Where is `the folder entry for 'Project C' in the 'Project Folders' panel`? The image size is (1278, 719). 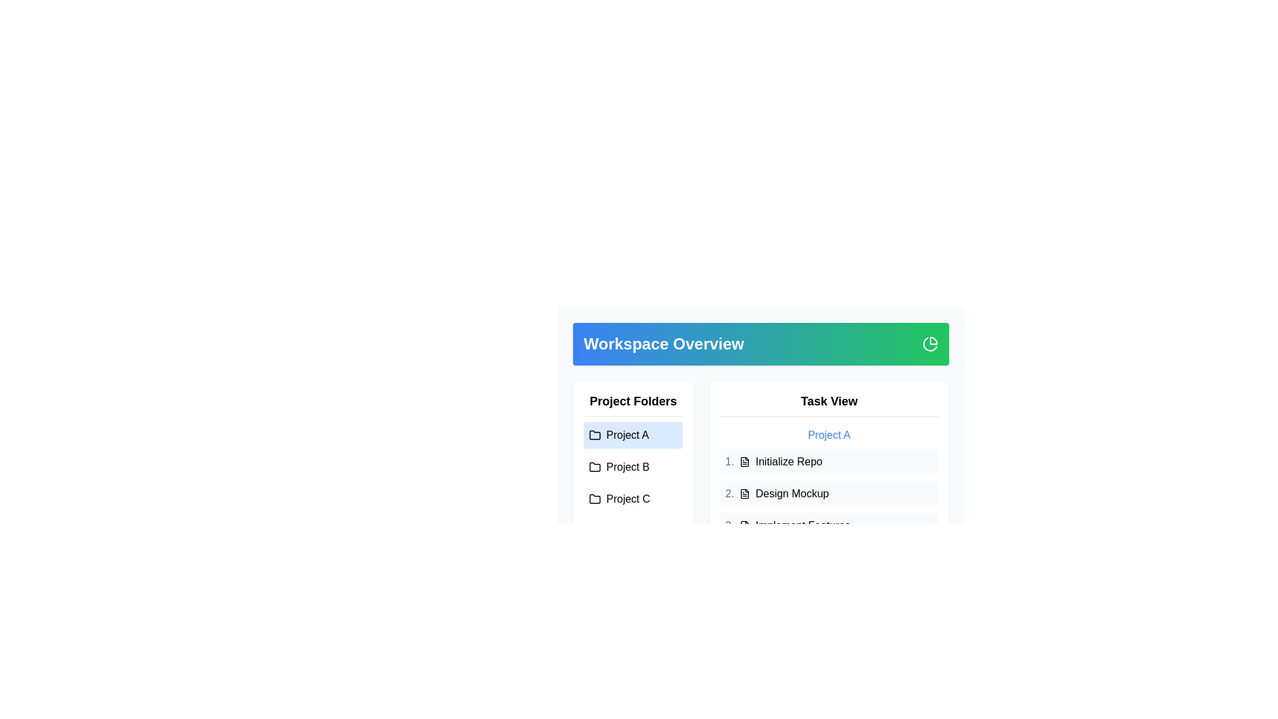
the folder entry for 'Project C' in the 'Project Folders' panel is located at coordinates (632, 499).